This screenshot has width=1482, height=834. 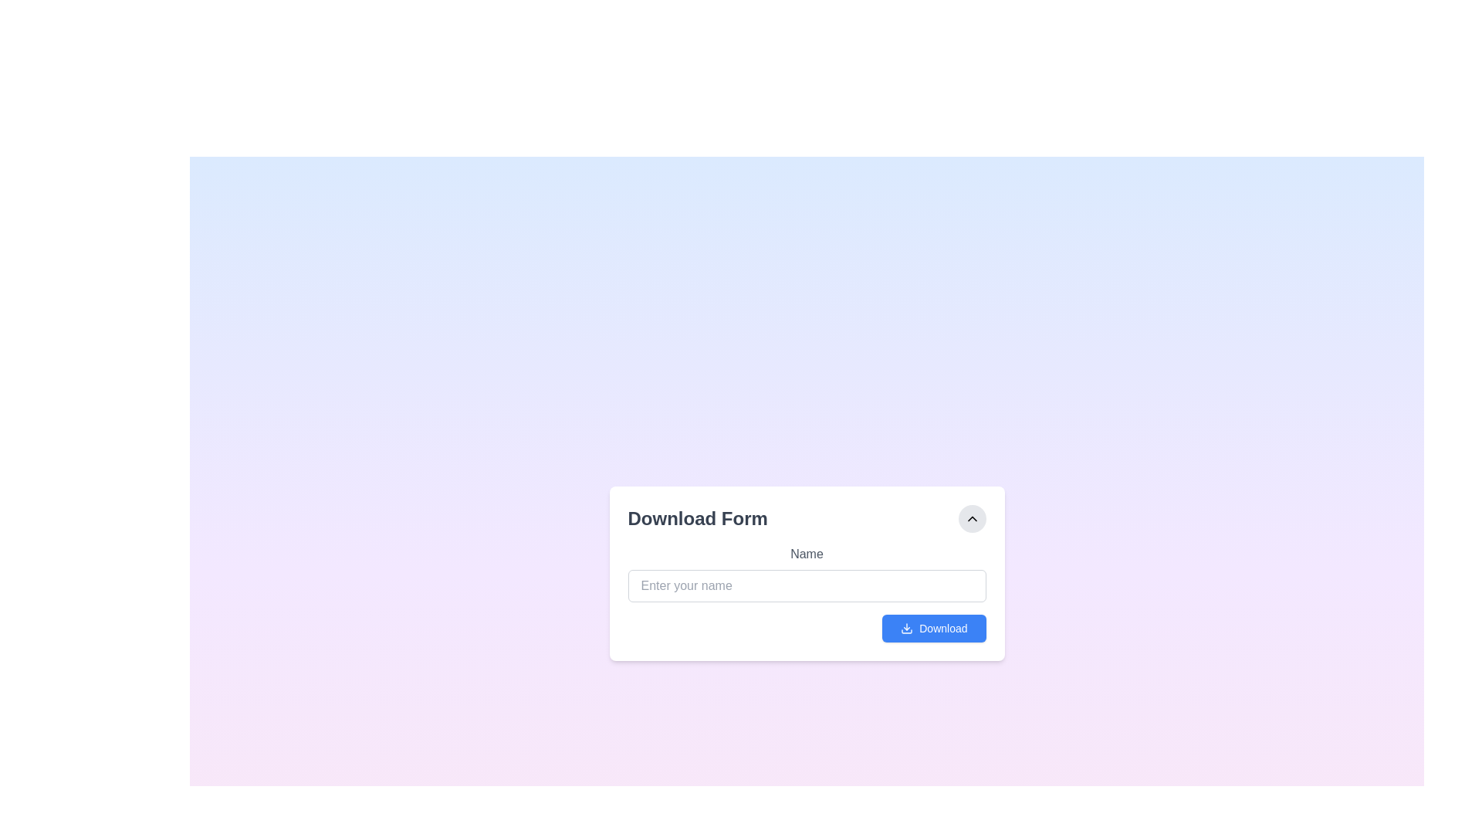 I want to click on the download button located at the bottom right corner of the 'Download Form' card section to initiate the download, so click(x=933, y=628).